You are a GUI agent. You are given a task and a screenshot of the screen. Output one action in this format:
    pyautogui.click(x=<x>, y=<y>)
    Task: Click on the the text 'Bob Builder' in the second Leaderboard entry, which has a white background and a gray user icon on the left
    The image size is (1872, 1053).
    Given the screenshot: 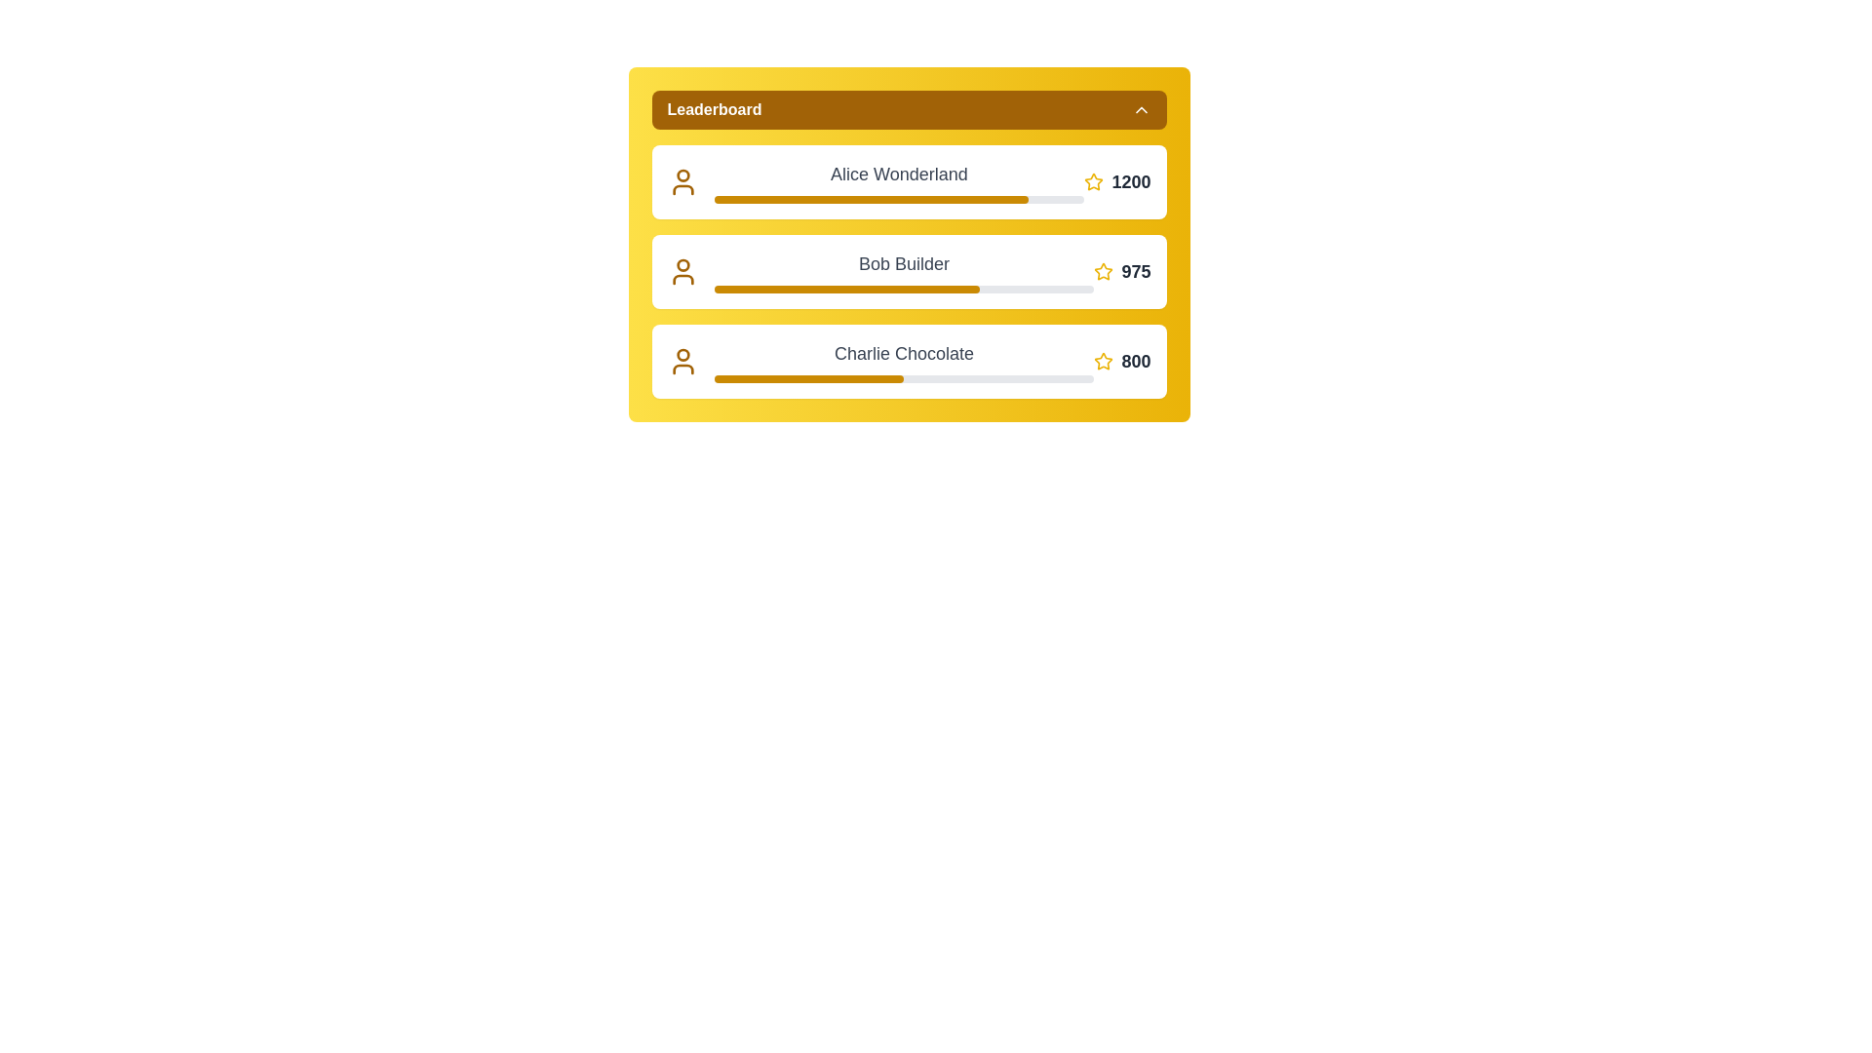 What is the action you would take?
    pyautogui.click(x=908, y=243)
    